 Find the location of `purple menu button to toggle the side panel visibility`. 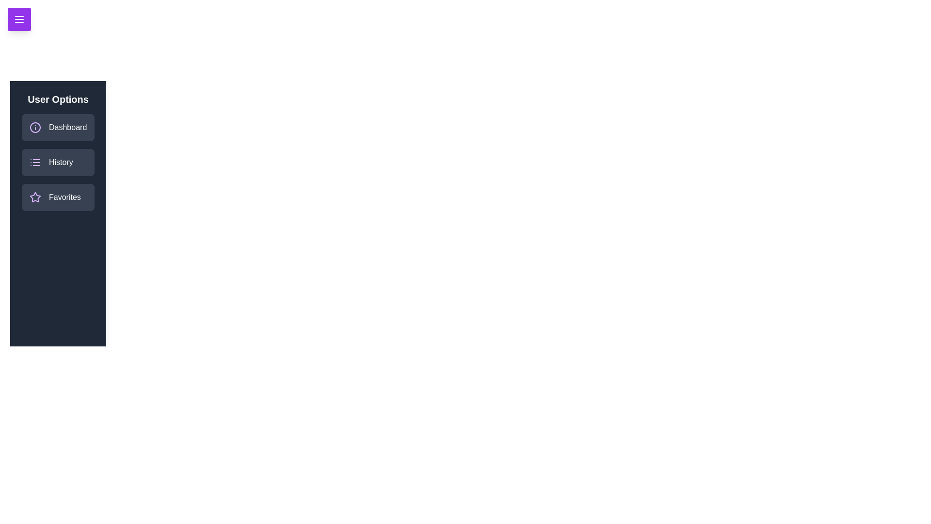

purple menu button to toggle the side panel visibility is located at coordinates (19, 19).